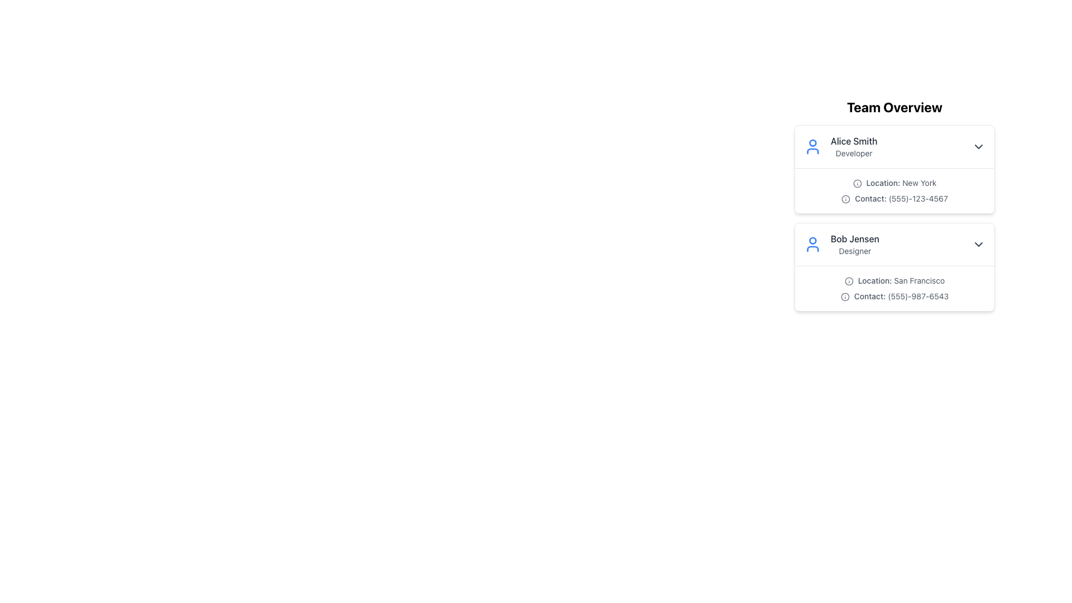  What do you see at coordinates (894, 204) in the screenshot?
I see `the contact information text for Alice Smith, located below 'Location: New York' and above the horizontal divider, to copy the information` at bounding box center [894, 204].